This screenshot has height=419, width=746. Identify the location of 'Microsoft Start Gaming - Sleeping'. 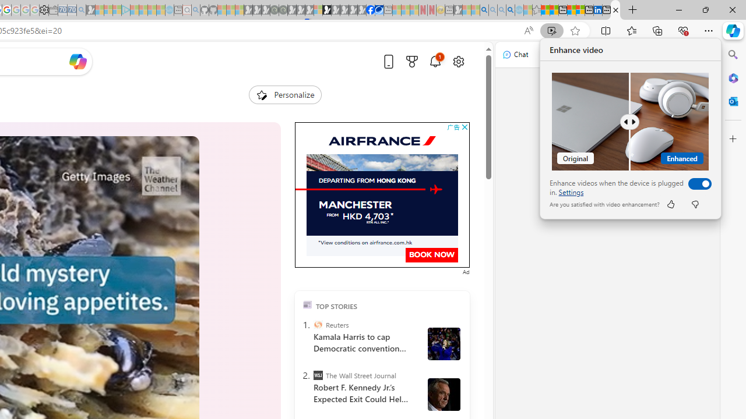
(90, 10).